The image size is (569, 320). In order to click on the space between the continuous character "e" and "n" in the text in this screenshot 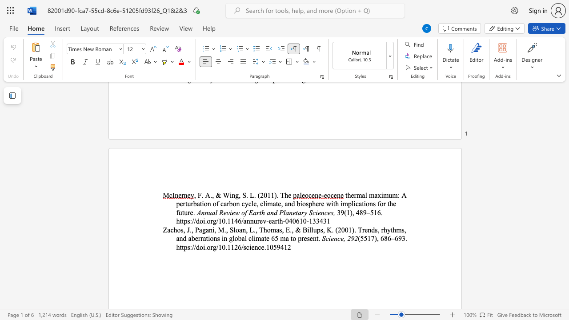, I will do `click(320, 212)`.